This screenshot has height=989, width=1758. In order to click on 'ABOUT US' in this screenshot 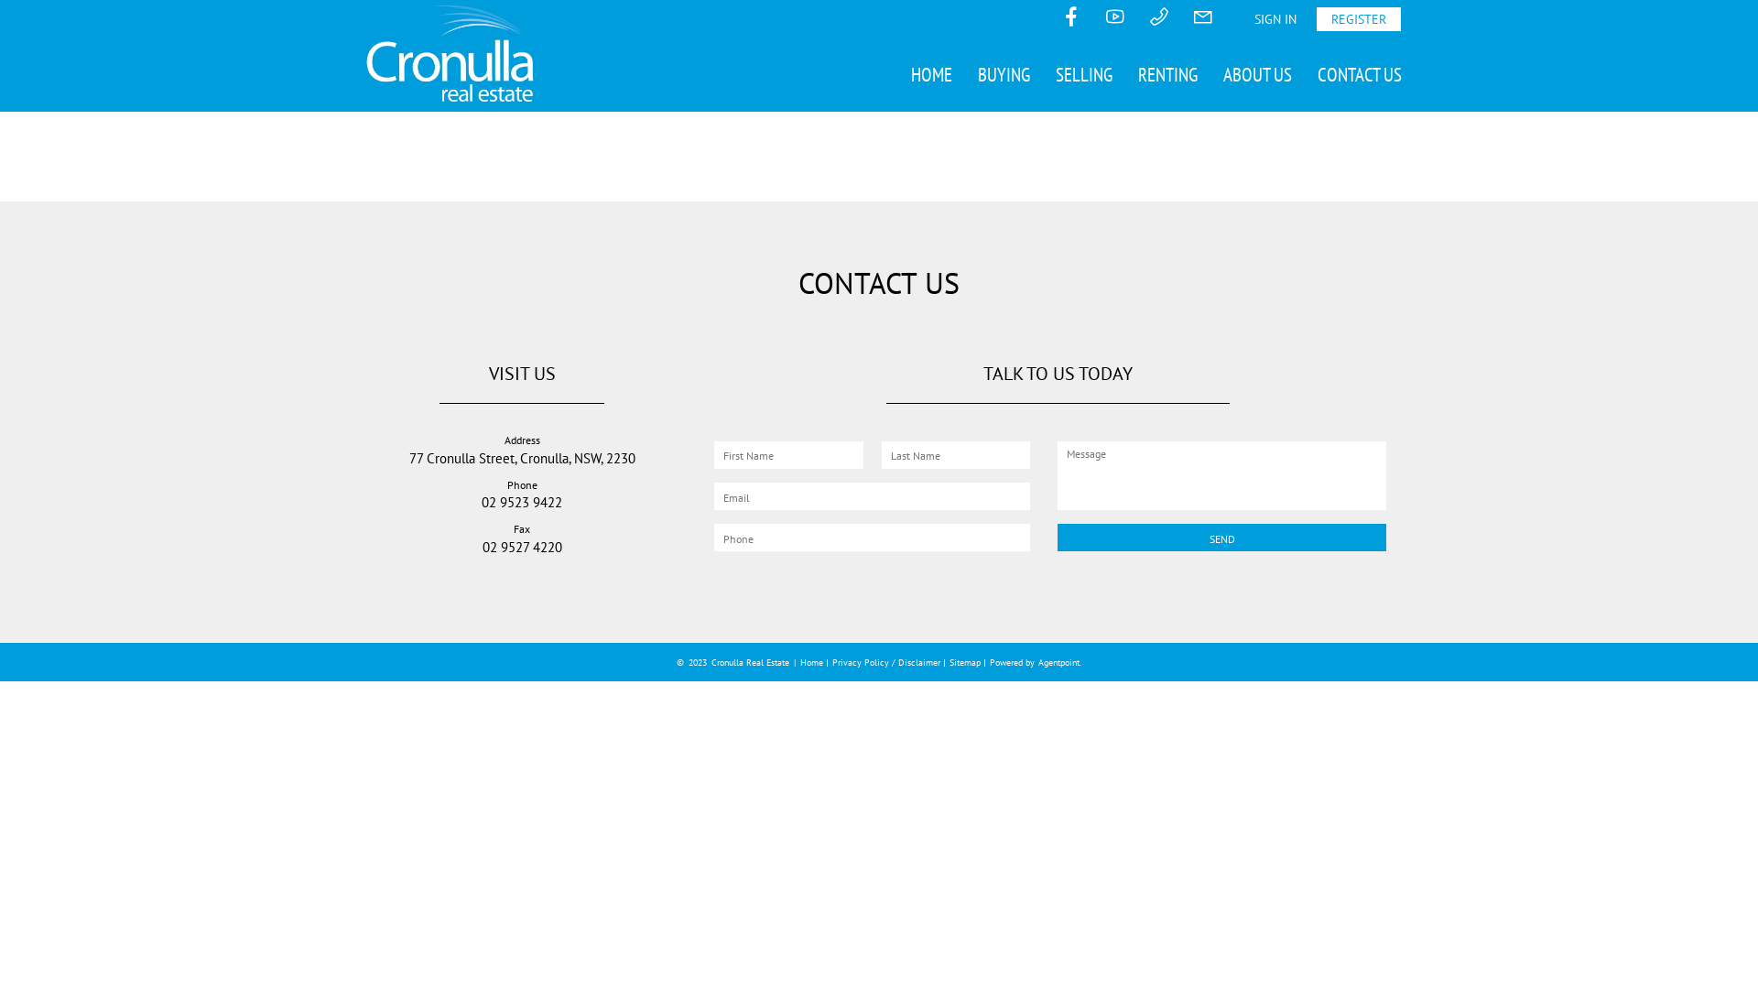, I will do `click(1256, 73)`.